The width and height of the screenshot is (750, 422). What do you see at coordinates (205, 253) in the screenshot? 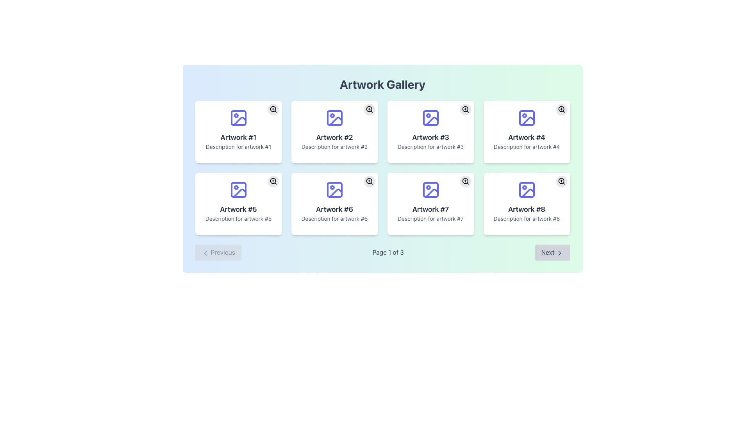
I see `the left-pointing chevron icon within the 'Previous' button, which is styled gray and located at the bottom left corner of the interface` at bounding box center [205, 253].